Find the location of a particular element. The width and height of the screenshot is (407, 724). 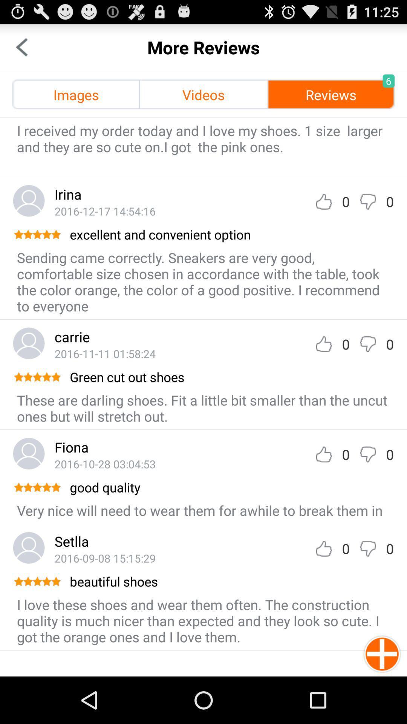

thumbds down is located at coordinates (367, 344).